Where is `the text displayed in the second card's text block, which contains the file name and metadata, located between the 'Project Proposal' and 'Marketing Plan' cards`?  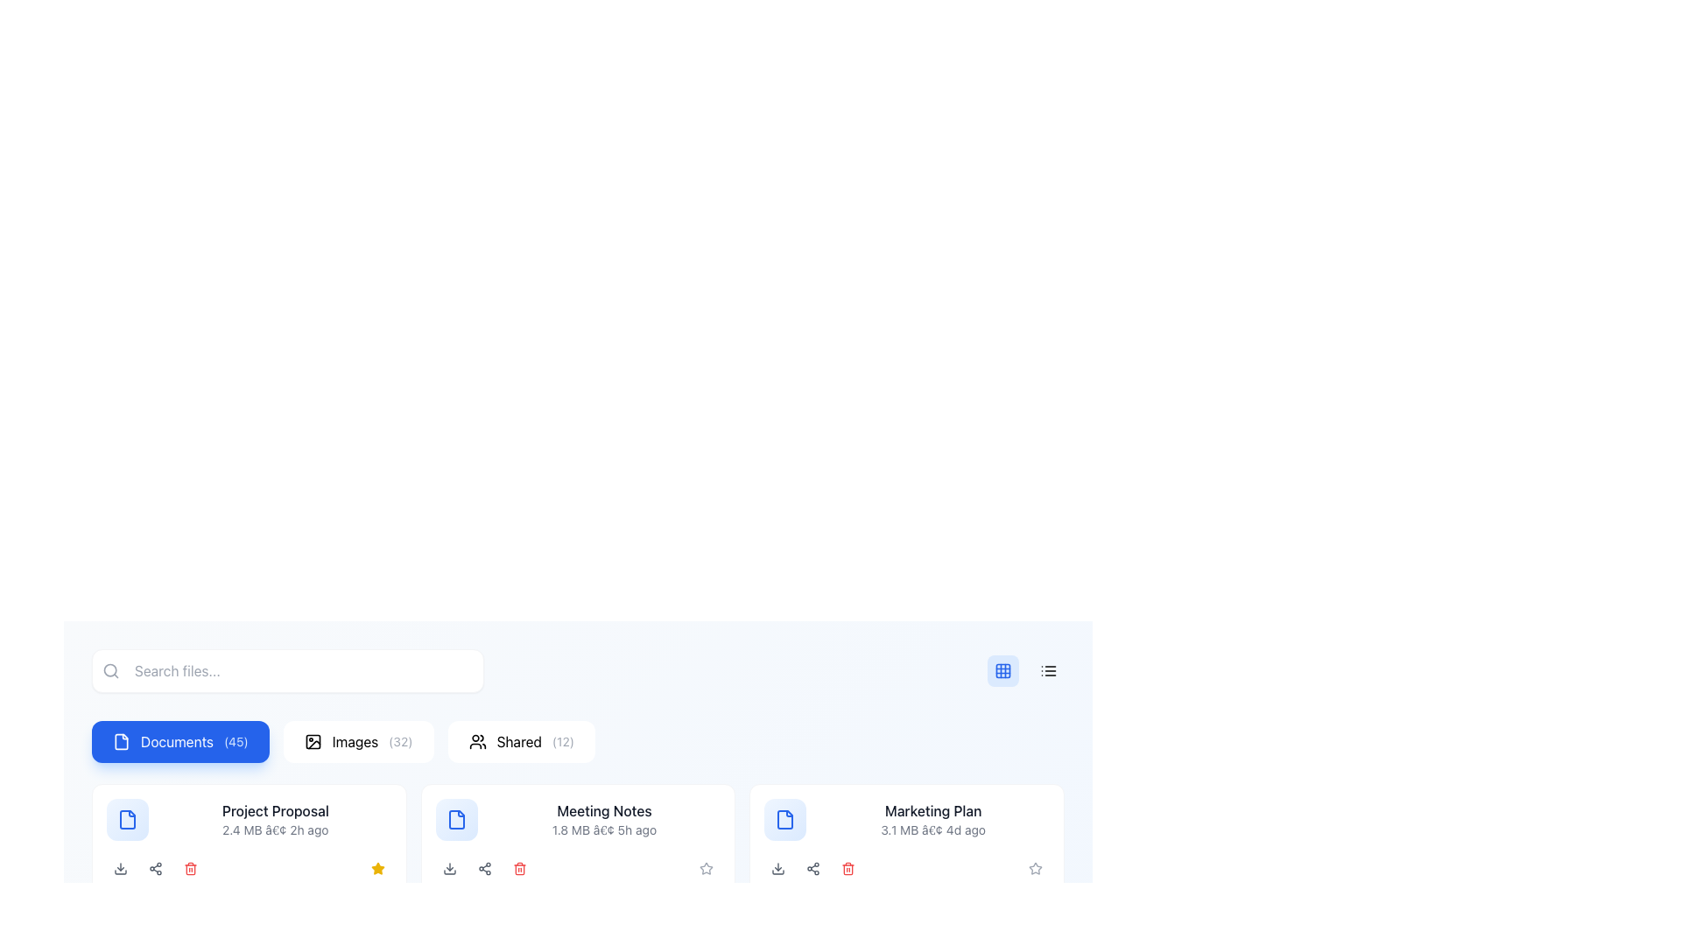
the text displayed in the second card's text block, which contains the file name and metadata, located between the 'Project Proposal' and 'Marketing Plan' cards is located at coordinates (604, 820).